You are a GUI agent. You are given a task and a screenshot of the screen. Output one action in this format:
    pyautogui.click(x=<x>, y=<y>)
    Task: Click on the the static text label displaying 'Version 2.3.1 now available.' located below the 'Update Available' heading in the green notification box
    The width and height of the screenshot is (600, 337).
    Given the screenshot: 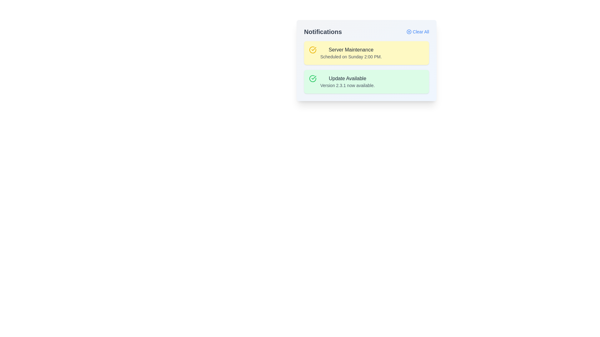 What is the action you would take?
    pyautogui.click(x=347, y=85)
    